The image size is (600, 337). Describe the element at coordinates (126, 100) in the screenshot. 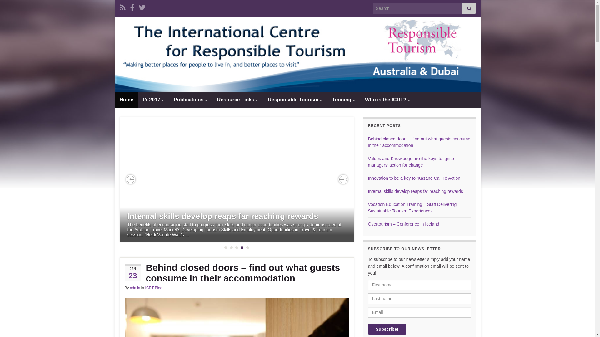

I see `'Home'` at that location.